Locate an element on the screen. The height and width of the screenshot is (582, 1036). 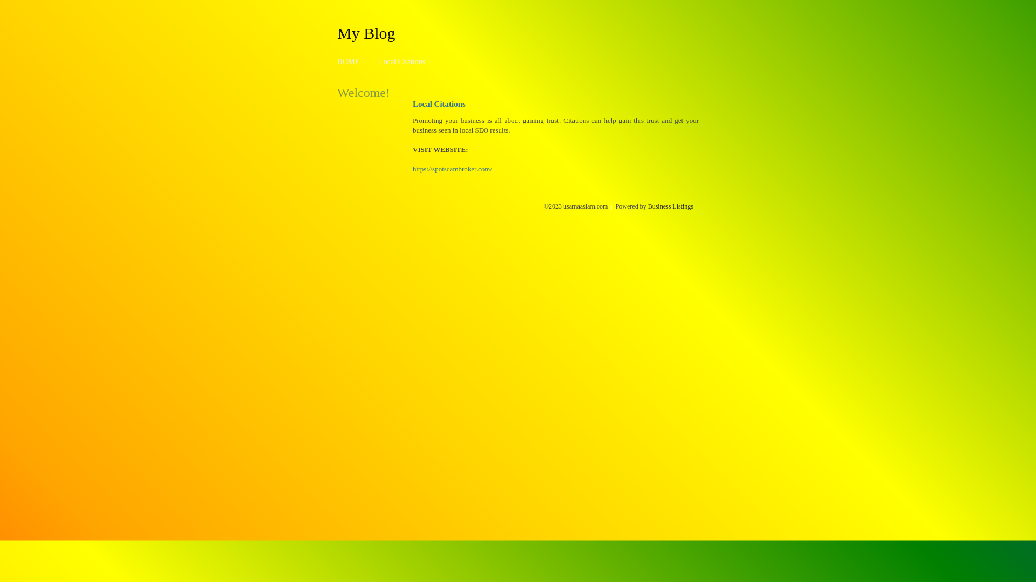
'https://spotscambroker.com/' is located at coordinates (452, 169).